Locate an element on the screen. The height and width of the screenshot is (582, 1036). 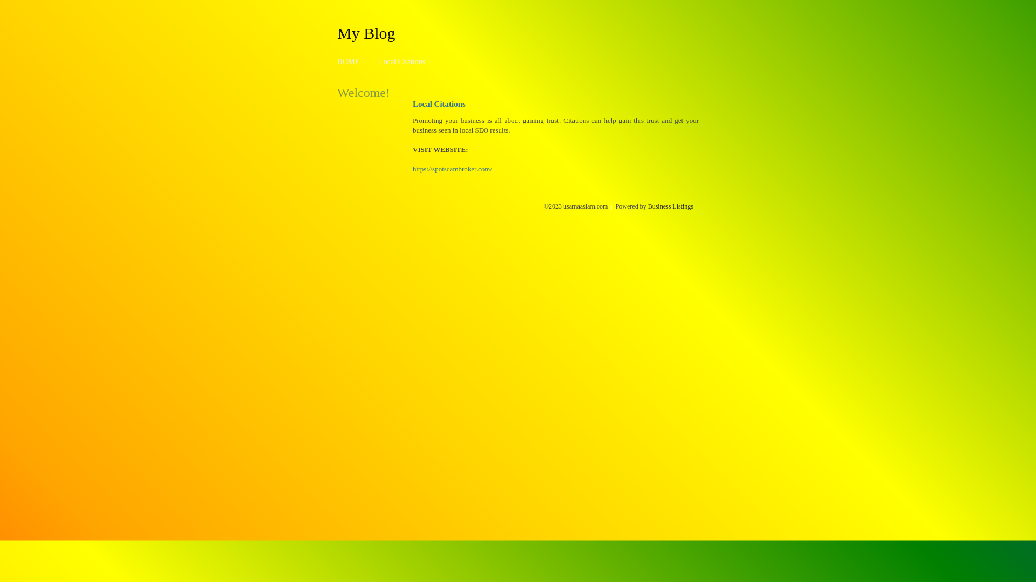
'https://spotscambroker.com/' is located at coordinates (452, 169).